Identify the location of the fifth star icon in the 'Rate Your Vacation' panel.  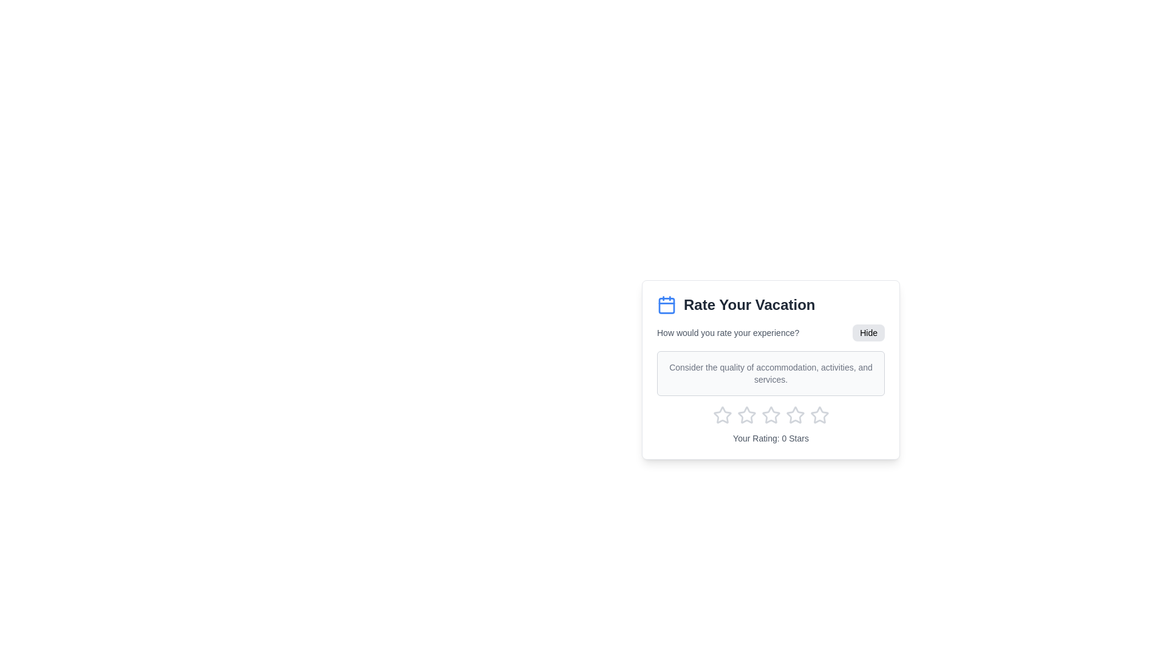
(819, 414).